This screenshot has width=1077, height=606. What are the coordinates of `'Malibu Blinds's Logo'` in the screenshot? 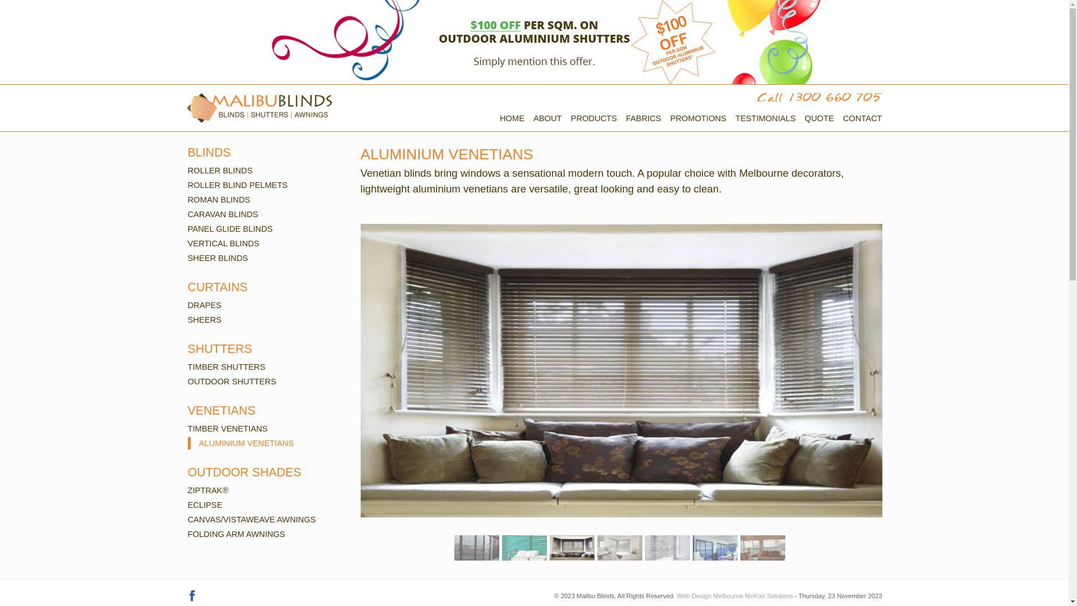 It's located at (258, 108).